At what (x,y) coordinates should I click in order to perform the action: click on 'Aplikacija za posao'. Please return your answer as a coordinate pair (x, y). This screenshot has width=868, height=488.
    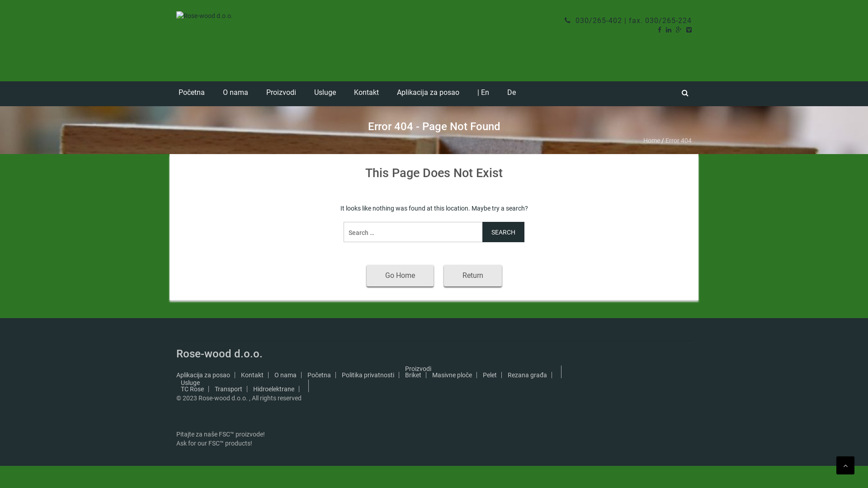
    Looking at the image, I should click on (203, 375).